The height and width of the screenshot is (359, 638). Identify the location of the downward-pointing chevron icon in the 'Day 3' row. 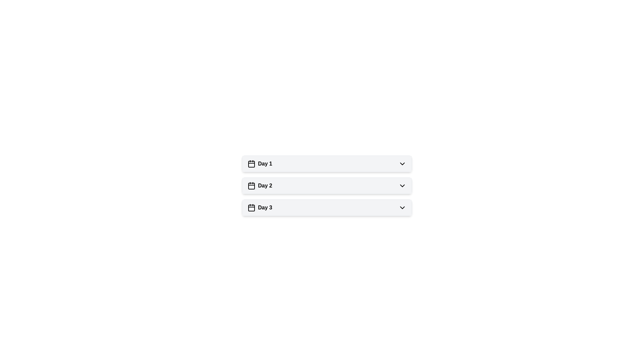
(402, 207).